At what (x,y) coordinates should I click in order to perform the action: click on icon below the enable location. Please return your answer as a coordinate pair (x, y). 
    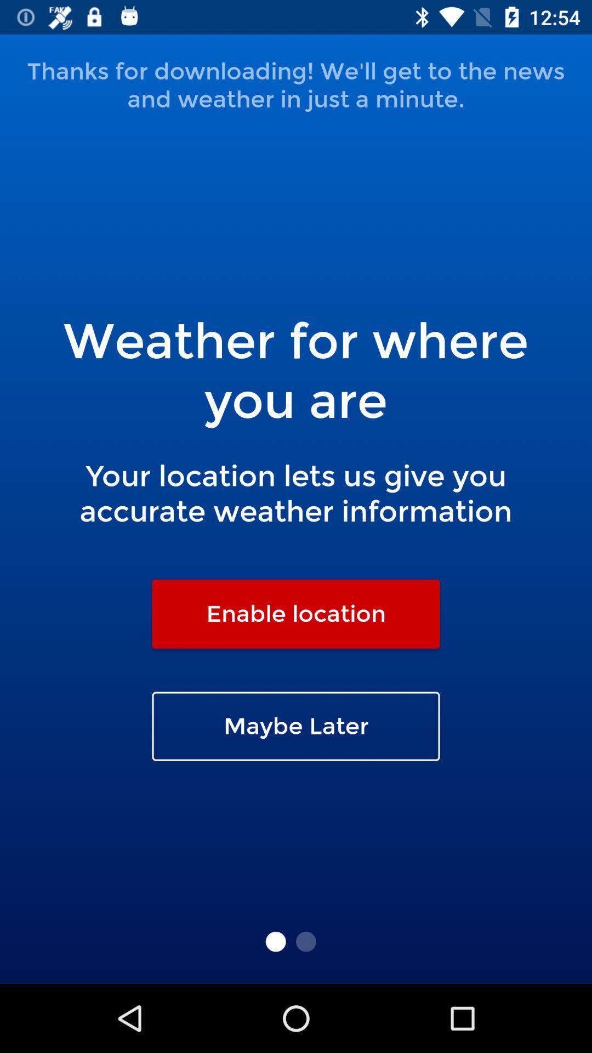
    Looking at the image, I should click on (296, 726).